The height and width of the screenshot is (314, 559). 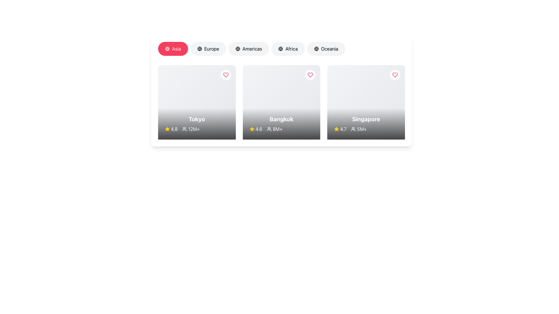 I want to click on the text label displaying the estimated number of users or population associated with 'Tokyo', which is located to the right of the user icon within the bottom-left part of the Tokyo card, so click(x=197, y=129).